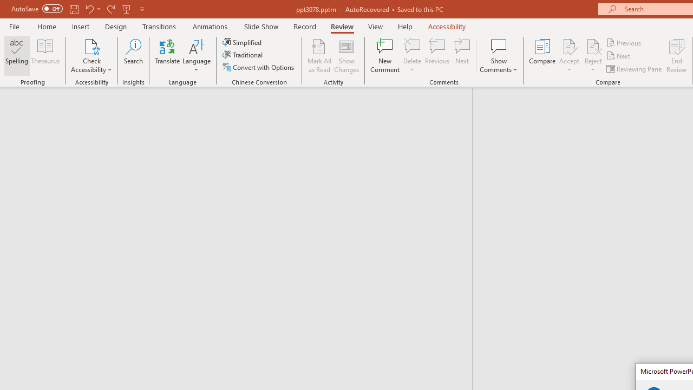  What do you see at coordinates (542, 56) in the screenshot?
I see `'Compare'` at bounding box center [542, 56].